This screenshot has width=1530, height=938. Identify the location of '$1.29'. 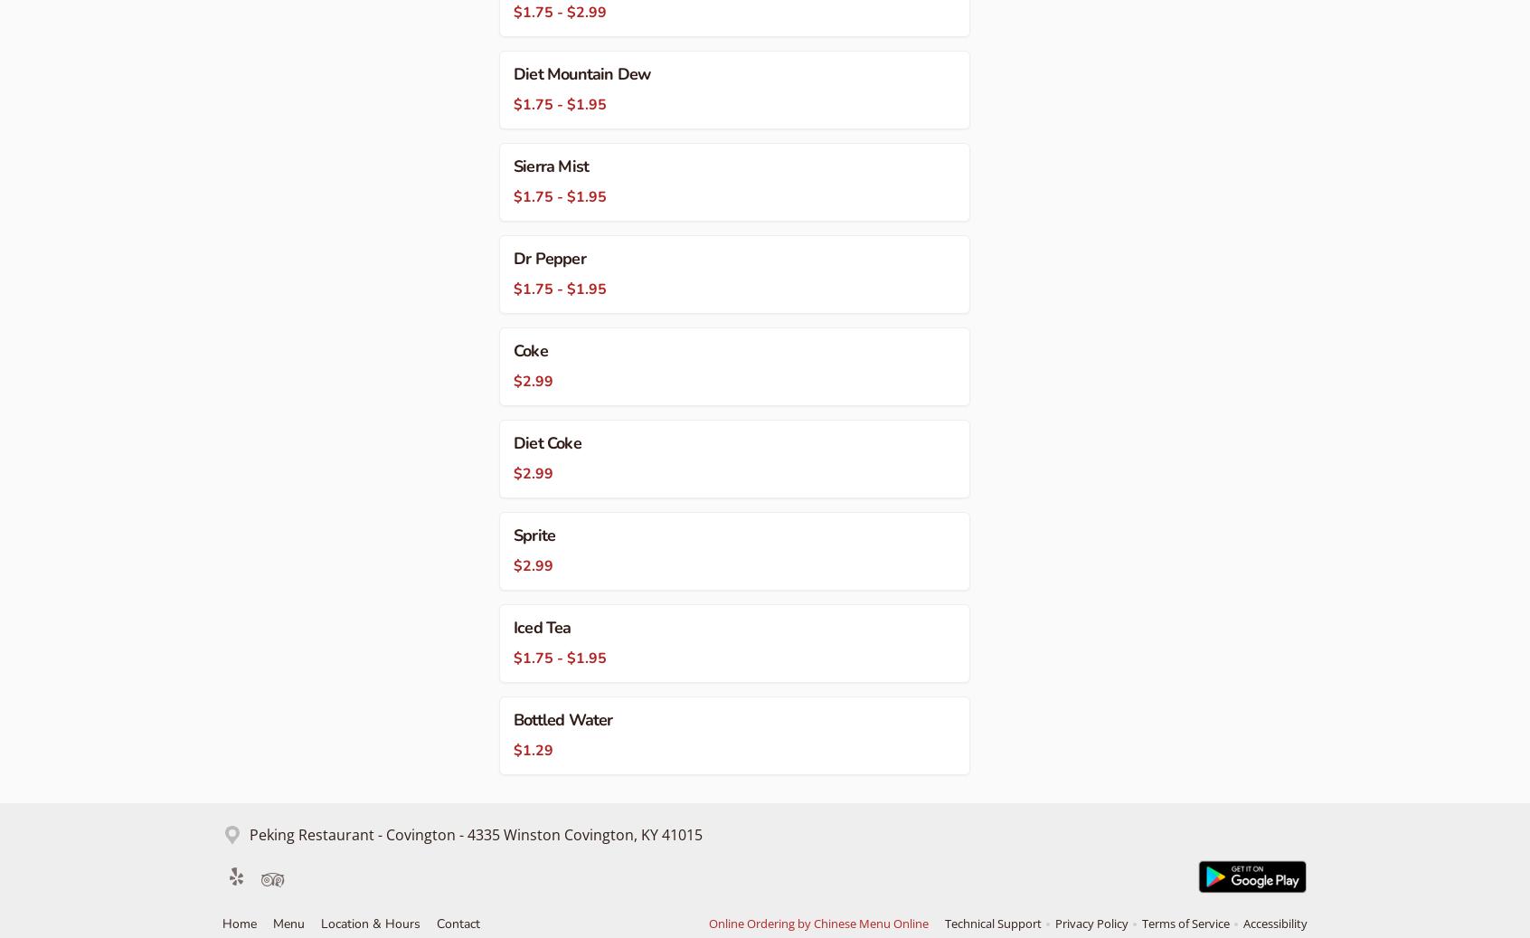
(533, 749).